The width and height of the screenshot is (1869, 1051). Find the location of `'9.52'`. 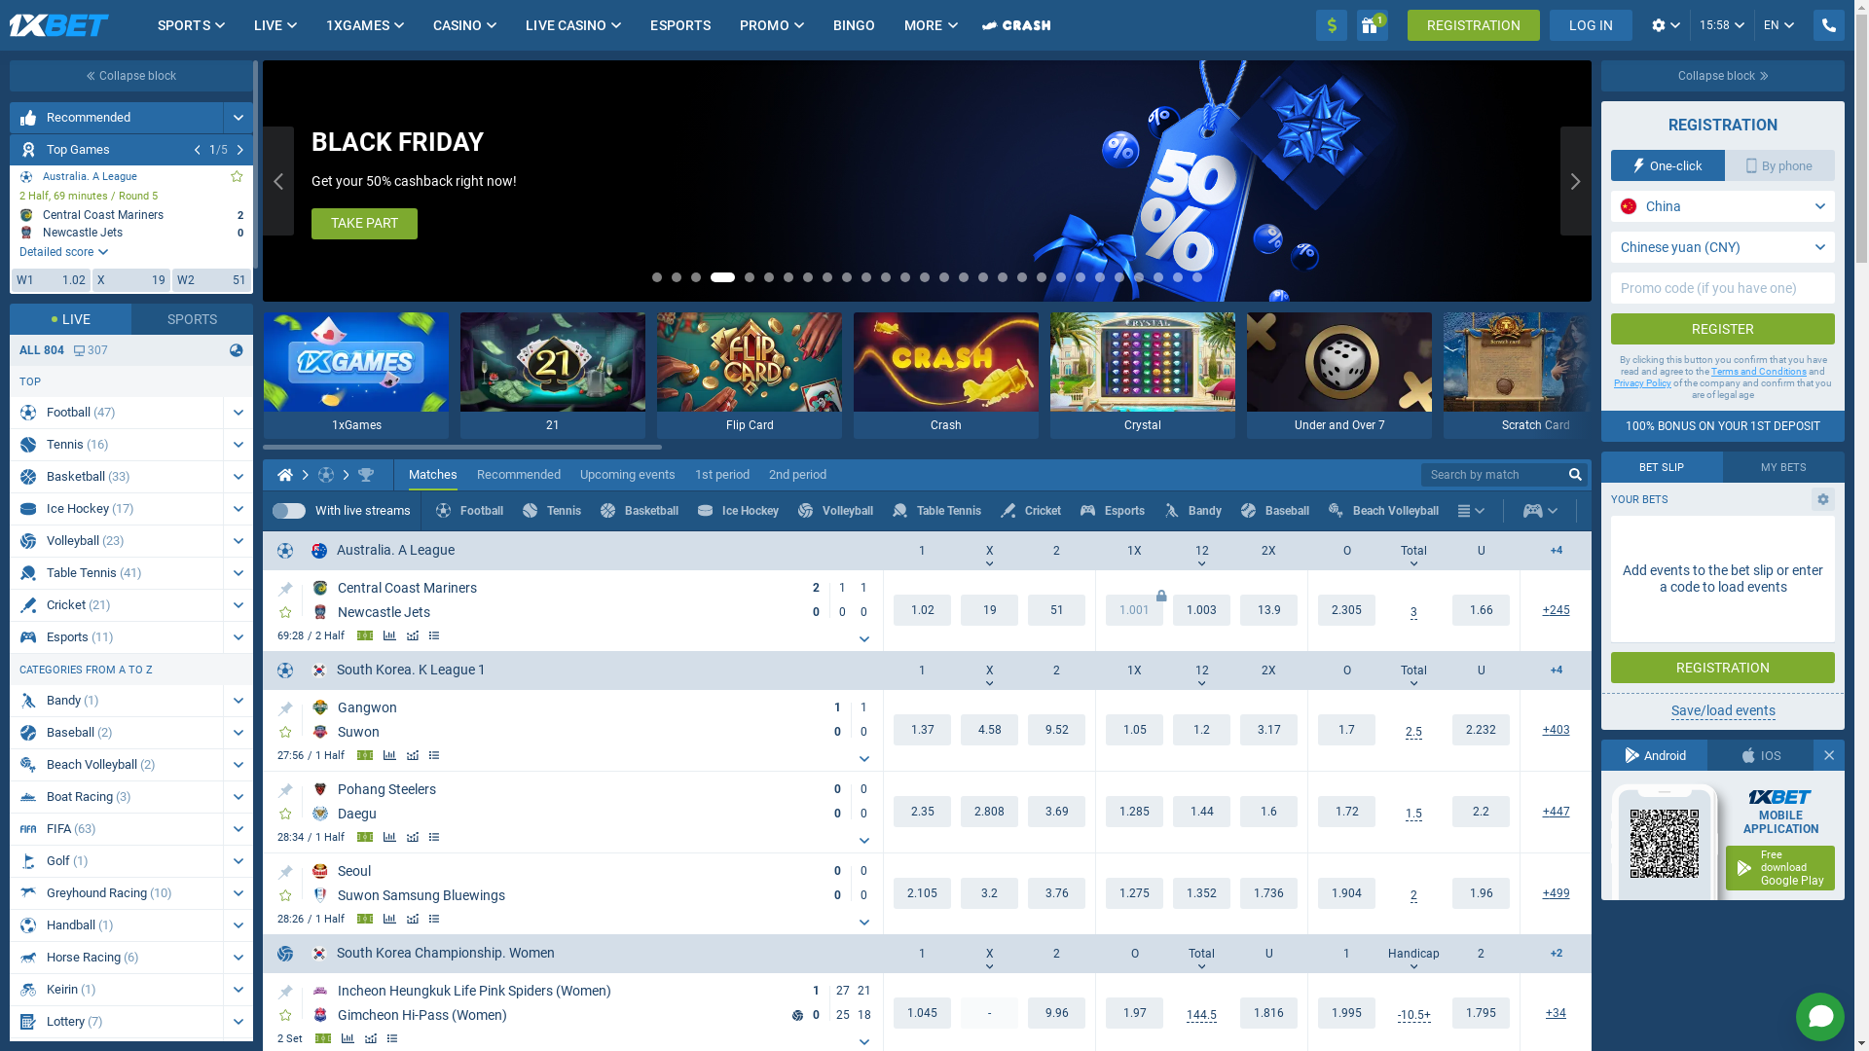

'9.52' is located at coordinates (1055, 729).